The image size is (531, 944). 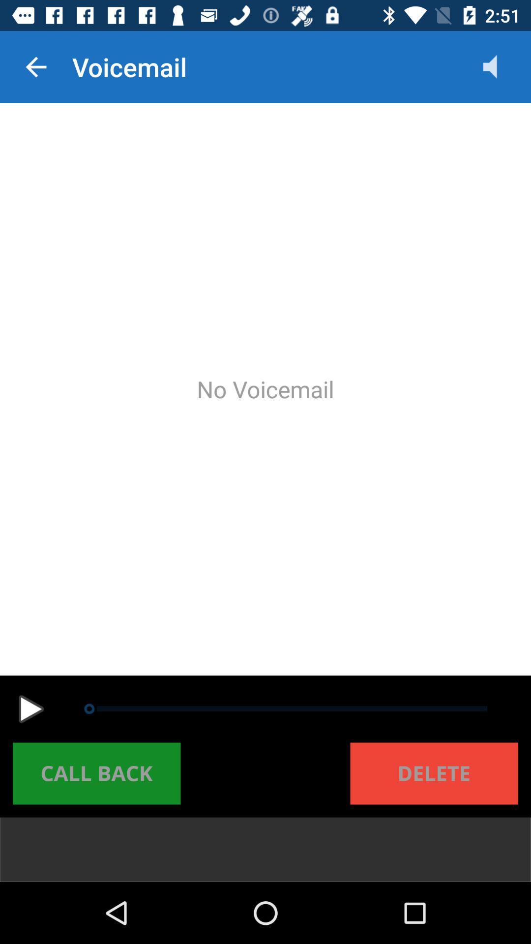 What do you see at coordinates (30, 709) in the screenshot?
I see `the play icon` at bounding box center [30, 709].